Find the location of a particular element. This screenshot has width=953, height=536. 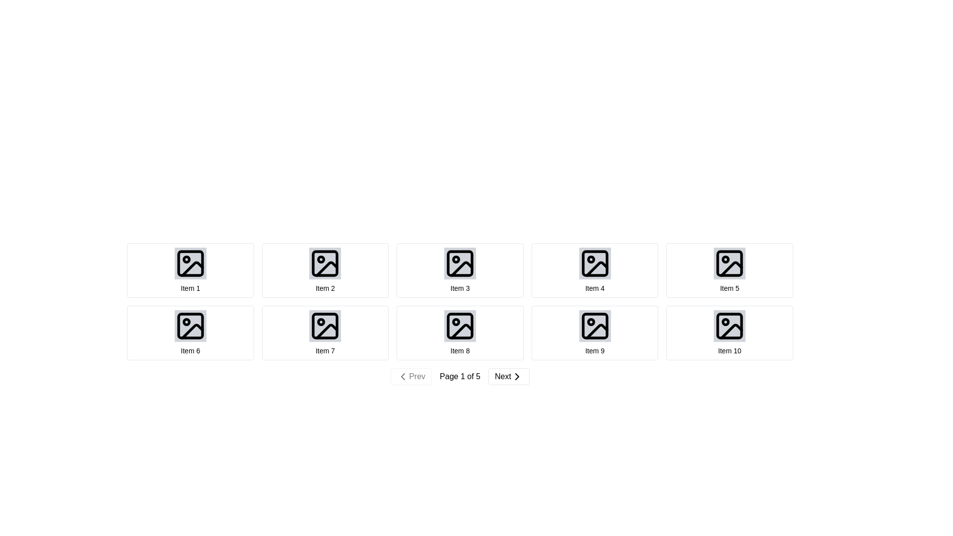

the Text Label displaying 'Item 3' located beneath the placeholder image in the top row, third column of the grid layout is located at coordinates (459, 288).